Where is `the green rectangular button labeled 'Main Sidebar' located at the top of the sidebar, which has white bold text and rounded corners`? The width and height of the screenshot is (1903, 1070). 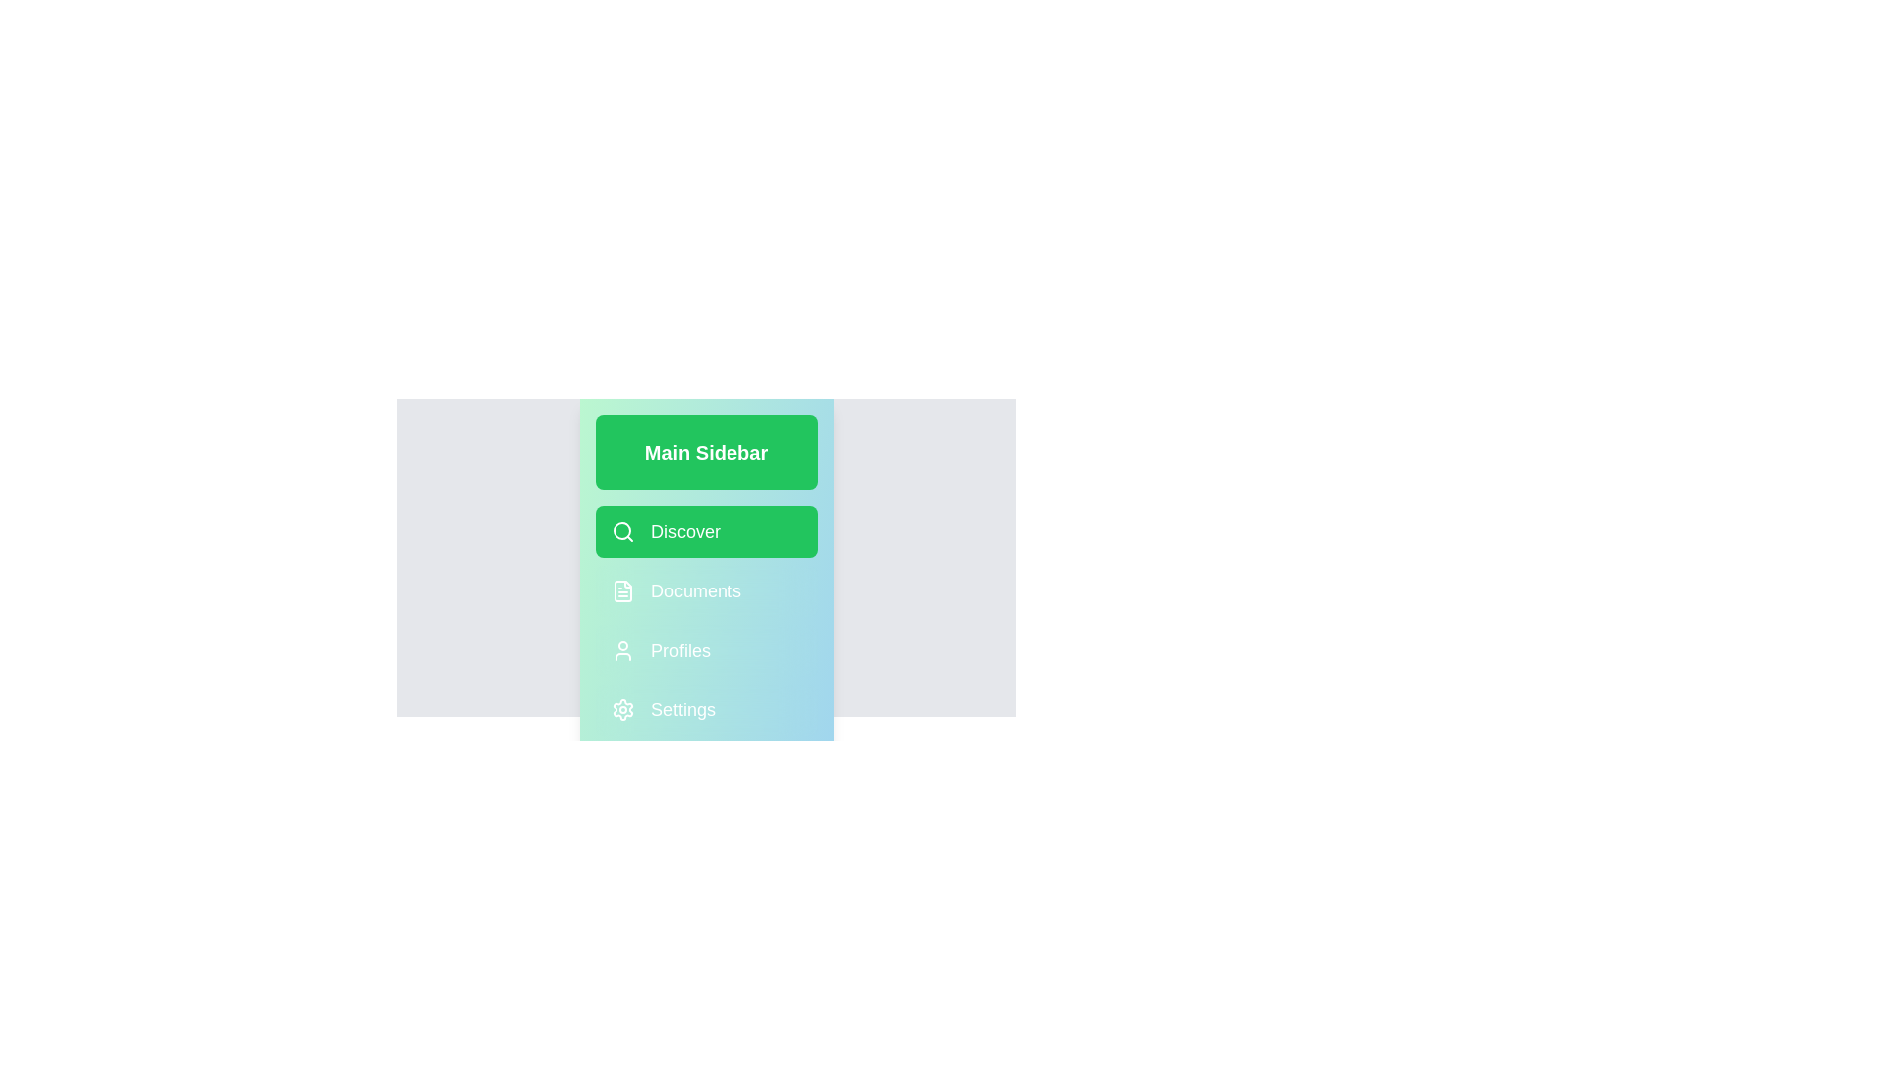
the green rectangular button labeled 'Main Sidebar' located at the top of the sidebar, which has white bold text and rounded corners is located at coordinates (707, 452).